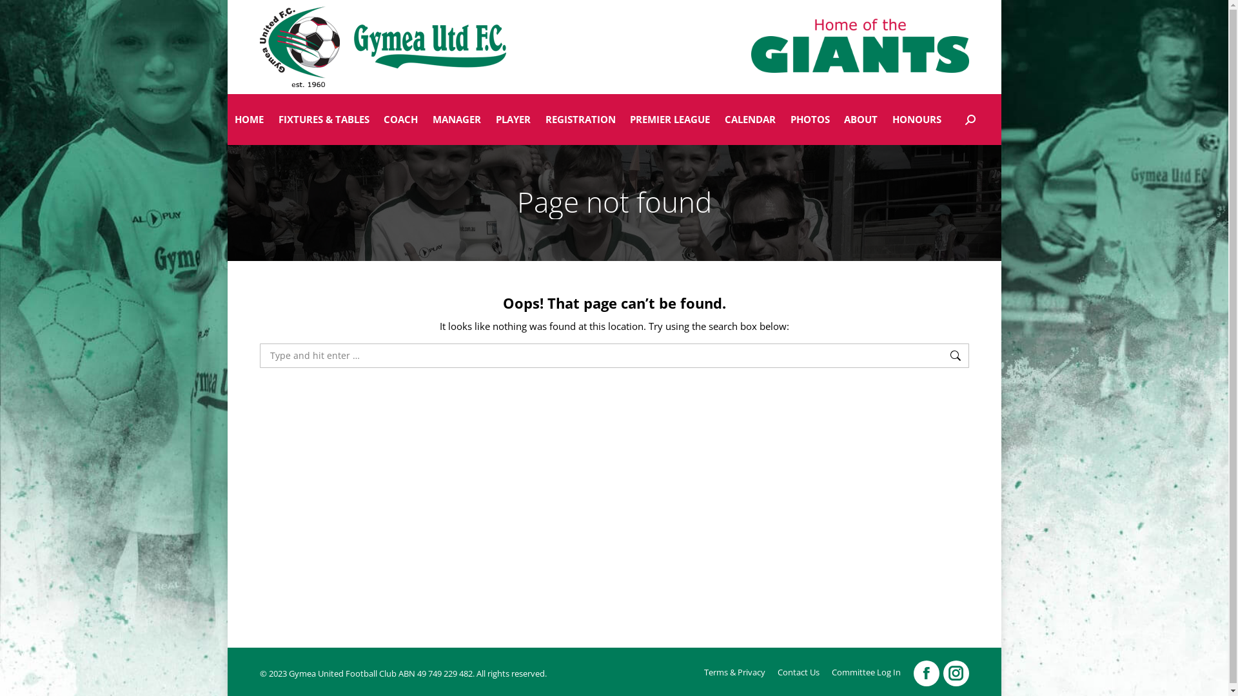 The height and width of the screenshot is (696, 1238). Describe the element at coordinates (226, 119) in the screenshot. I see `'HOME'` at that location.